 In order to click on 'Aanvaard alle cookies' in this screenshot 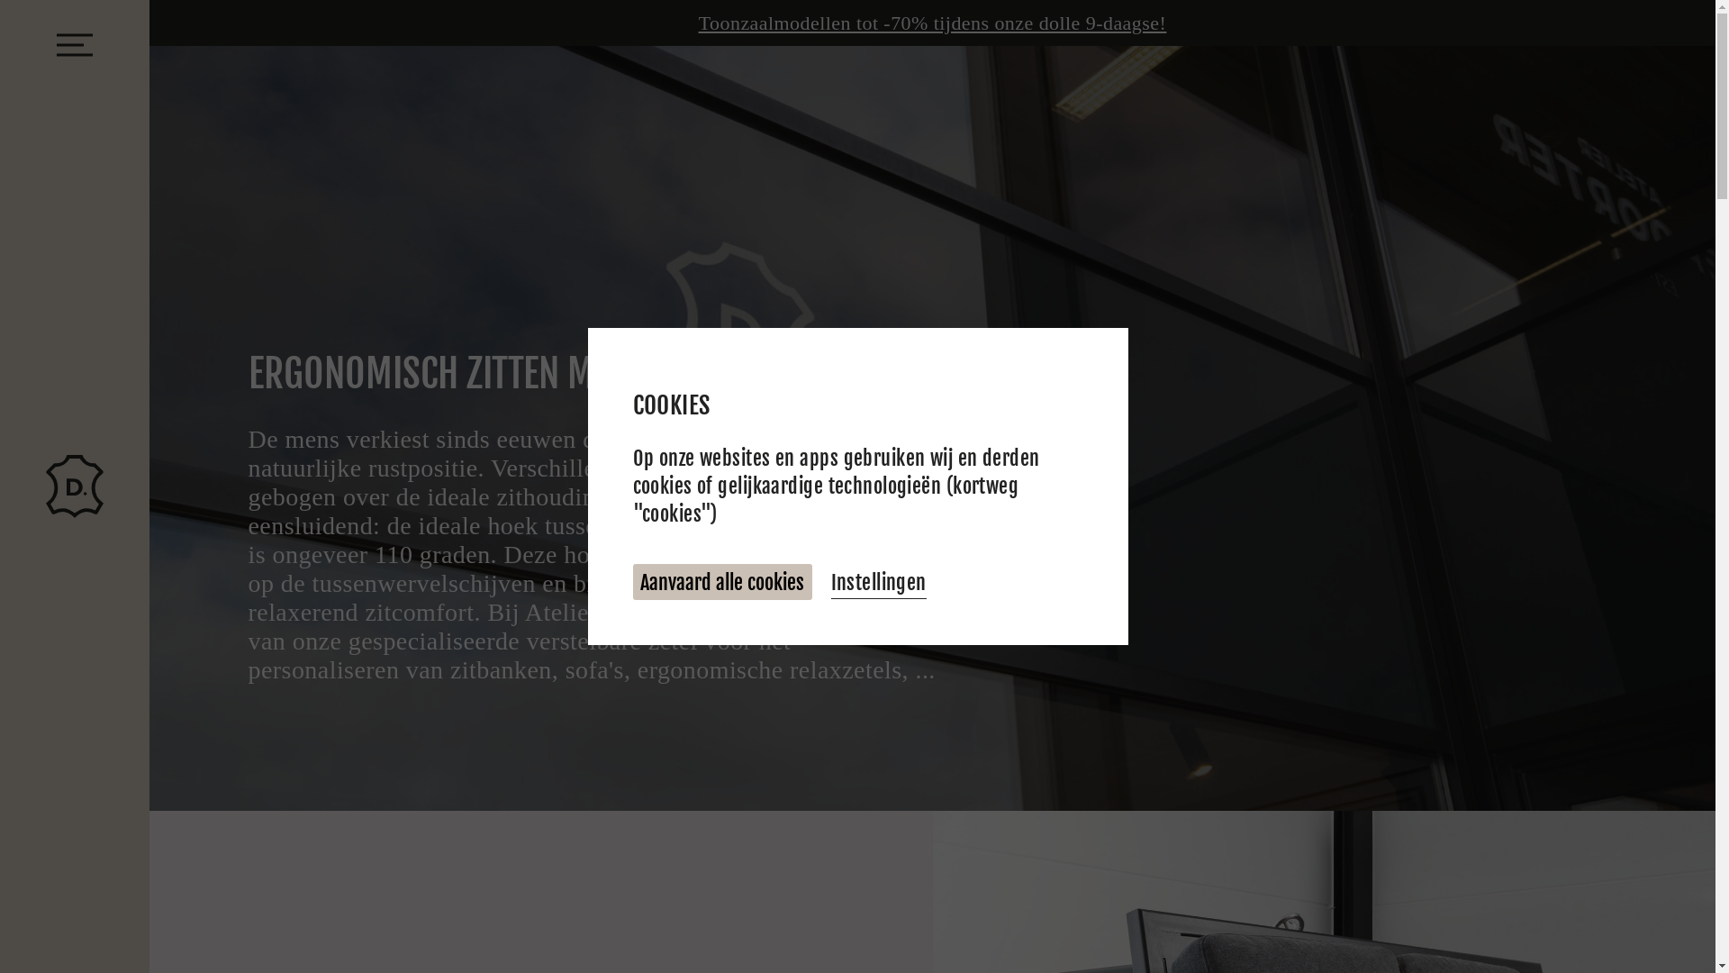, I will do `click(721, 582)`.